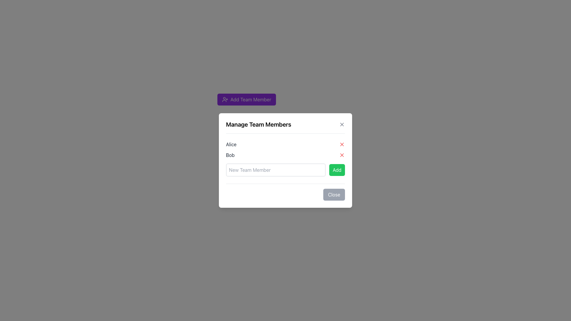 This screenshot has height=321, width=571. Describe the element at coordinates (258, 124) in the screenshot. I see `the text label reading 'Manage Team Members' which is styled in bold and large font, located at the top-left corner of the modal interface` at that location.